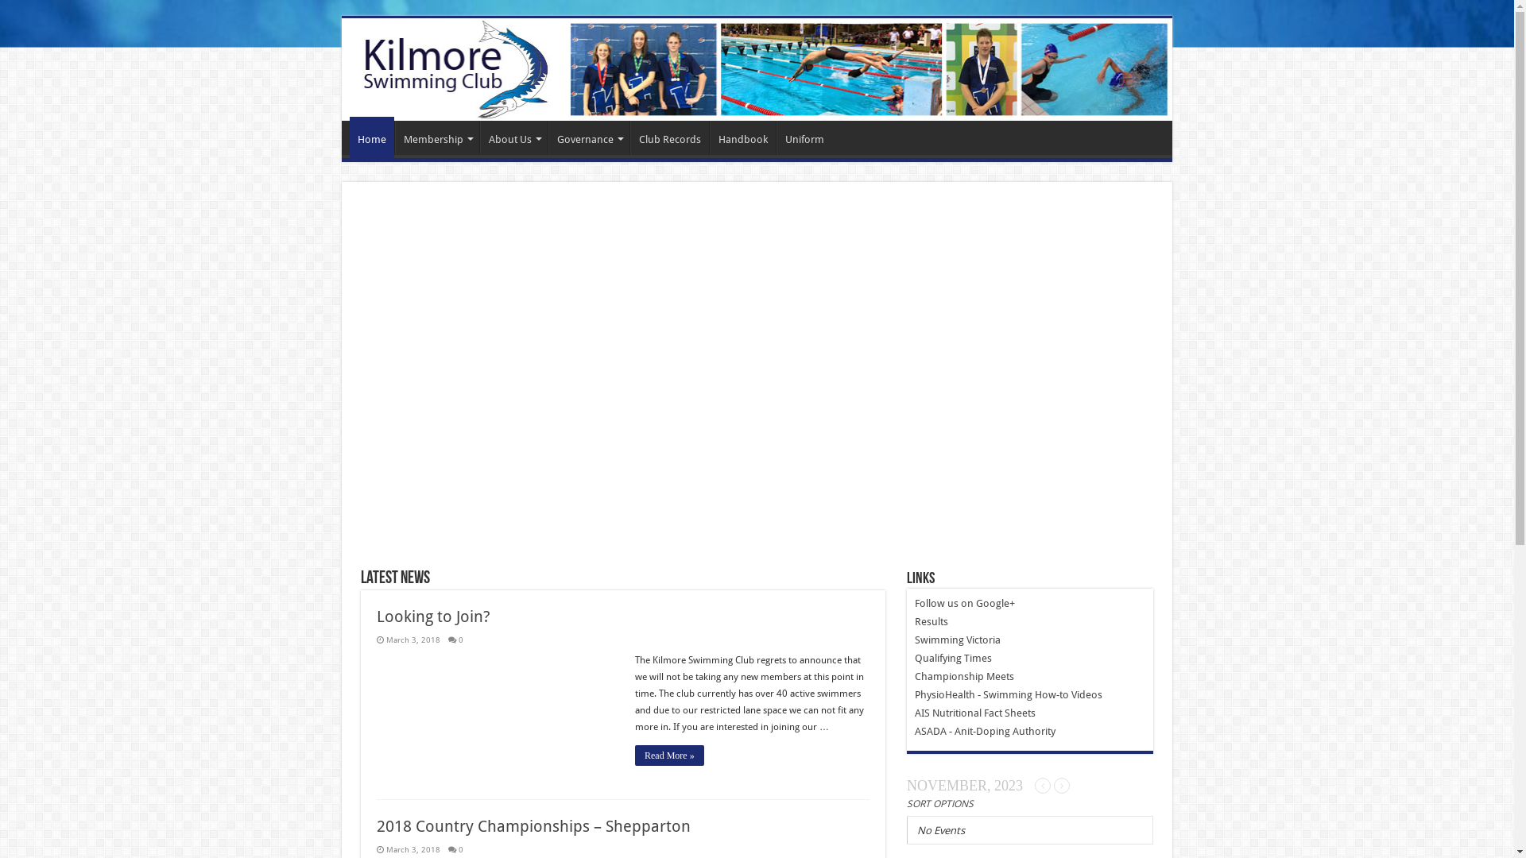 The image size is (1526, 858). Describe the element at coordinates (974, 712) in the screenshot. I see `'AIS Nutritional Fact Sheets'` at that location.